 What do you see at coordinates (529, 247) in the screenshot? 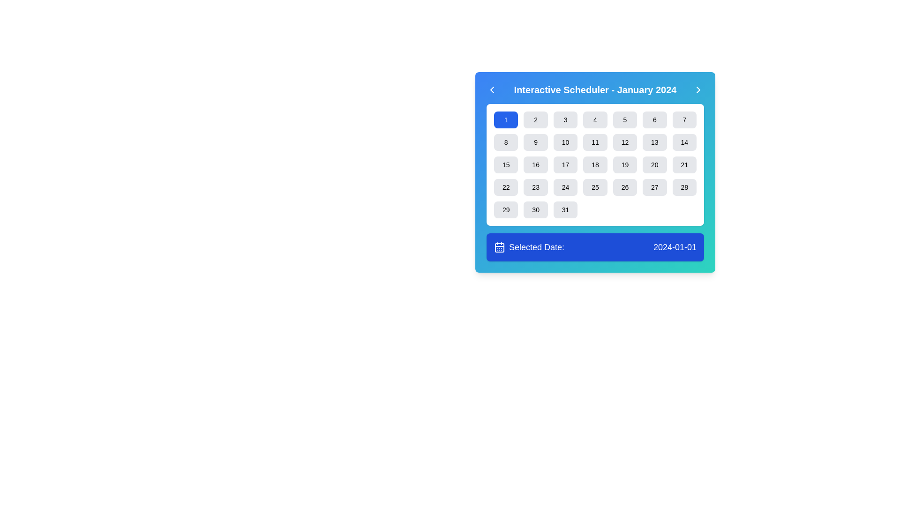
I see `the informational label with an icon located in the blue footer section of the scheduler interface, positioned to the left of the displayed date '2024-01-01.'` at bounding box center [529, 247].